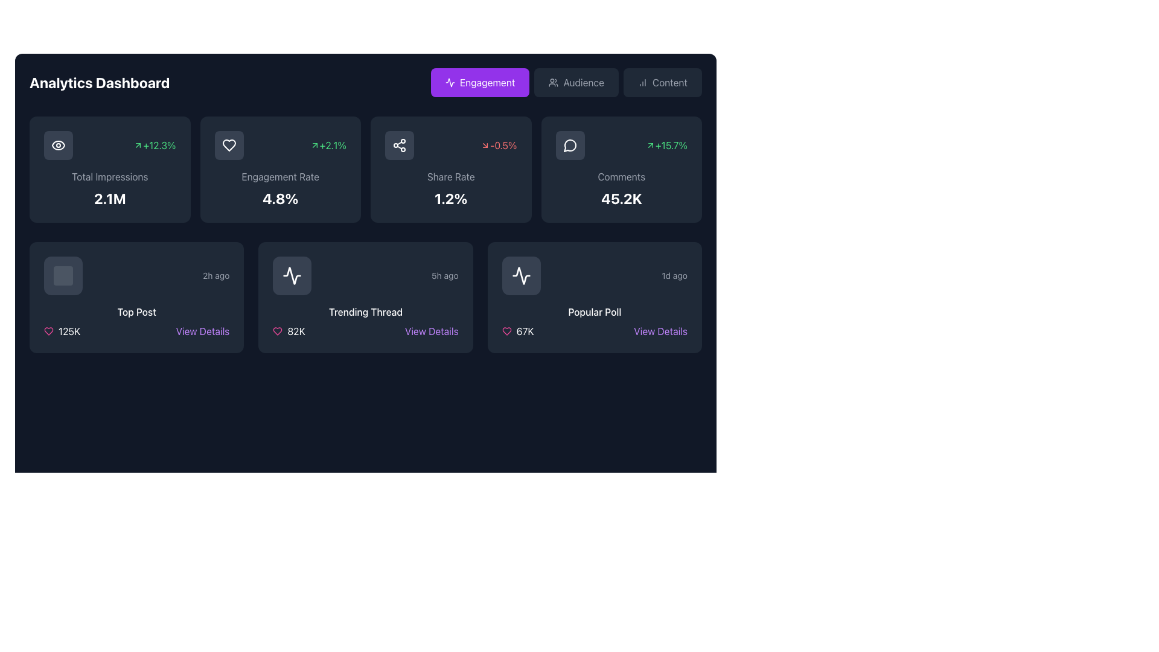 The height and width of the screenshot is (652, 1159). What do you see at coordinates (292, 275) in the screenshot?
I see `the activity icon located in the center of the icon area of the 'Trending Thread' card in the second row of the dashboard interface for contextual understanding` at bounding box center [292, 275].